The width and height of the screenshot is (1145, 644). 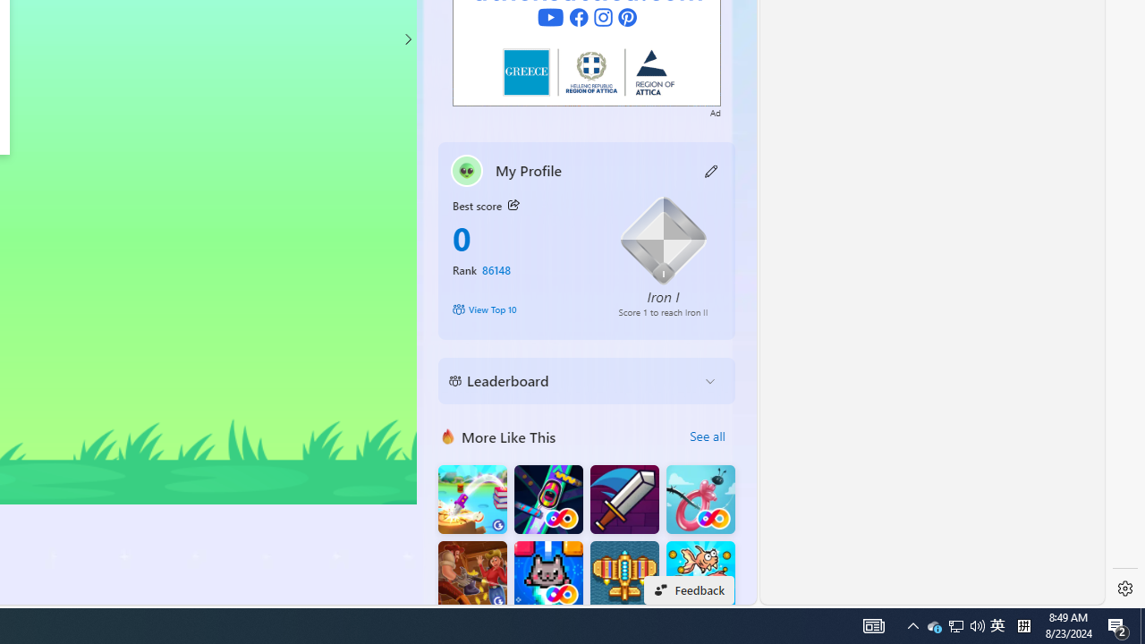 I want to click on 'Kitten Force FRVR', so click(x=547, y=575).